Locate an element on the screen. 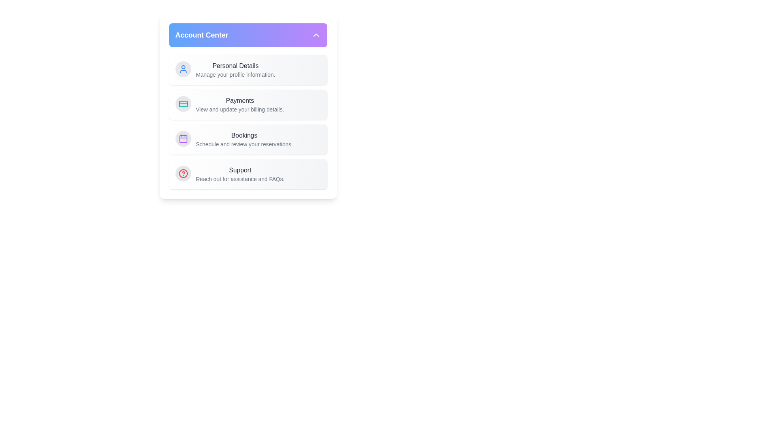  the 'Payments' menu item is located at coordinates (240, 100).